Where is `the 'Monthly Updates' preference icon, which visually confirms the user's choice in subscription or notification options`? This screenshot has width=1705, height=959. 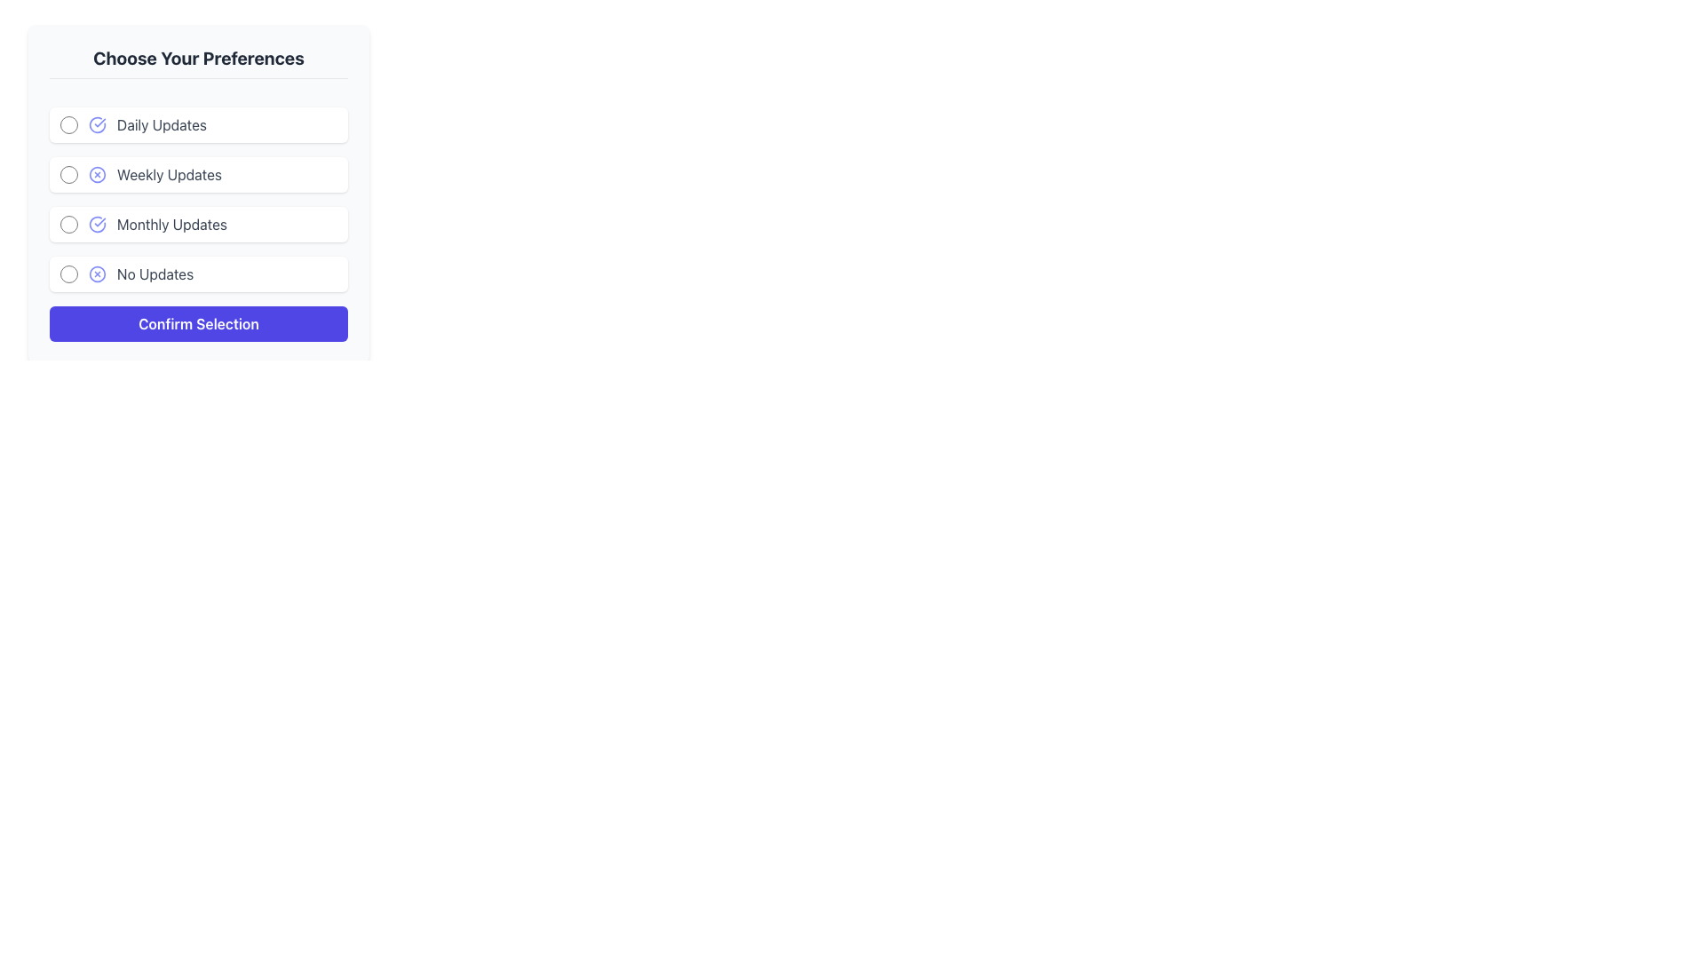 the 'Monthly Updates' preference icon, which visually confirms the user's choice in subscription or notification options is located at coordinates (97, 224).